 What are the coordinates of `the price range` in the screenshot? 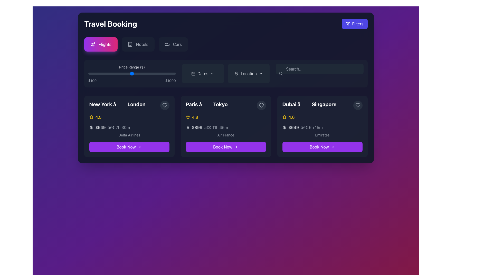 It's located at (93, 73).